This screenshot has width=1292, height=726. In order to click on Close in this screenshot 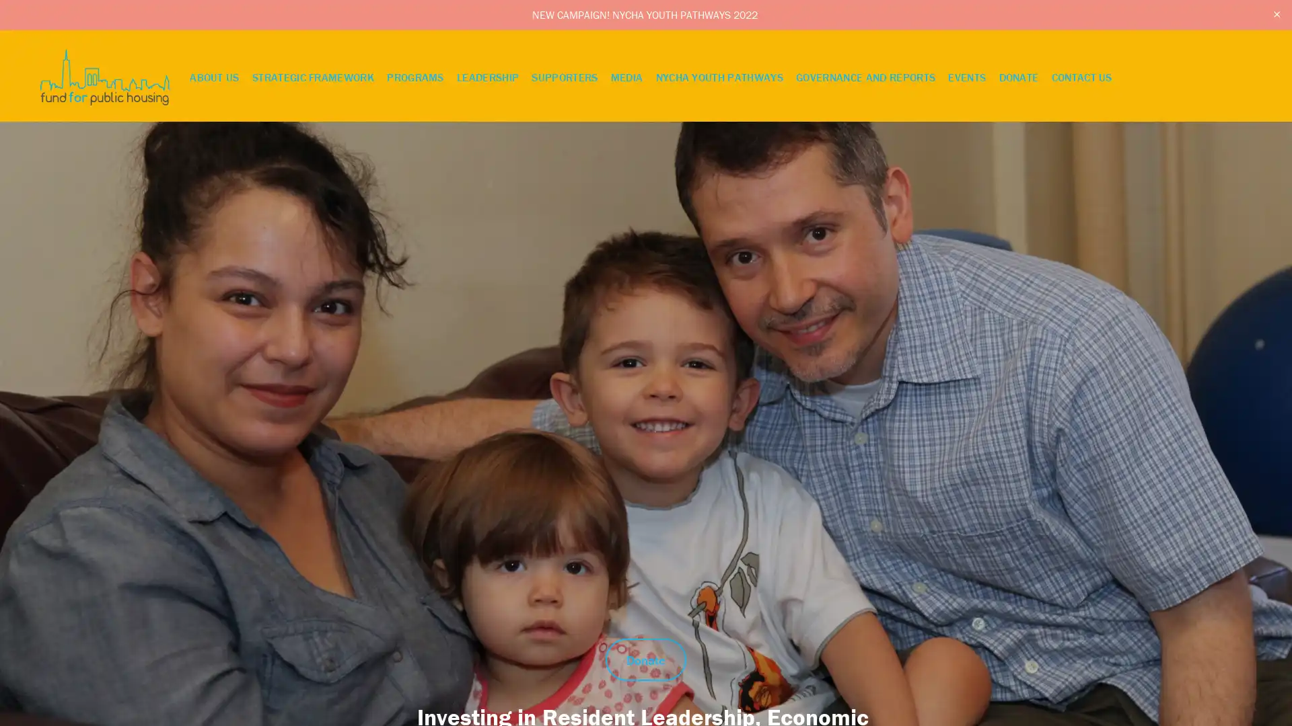, I will do `click(1275, 607)`.